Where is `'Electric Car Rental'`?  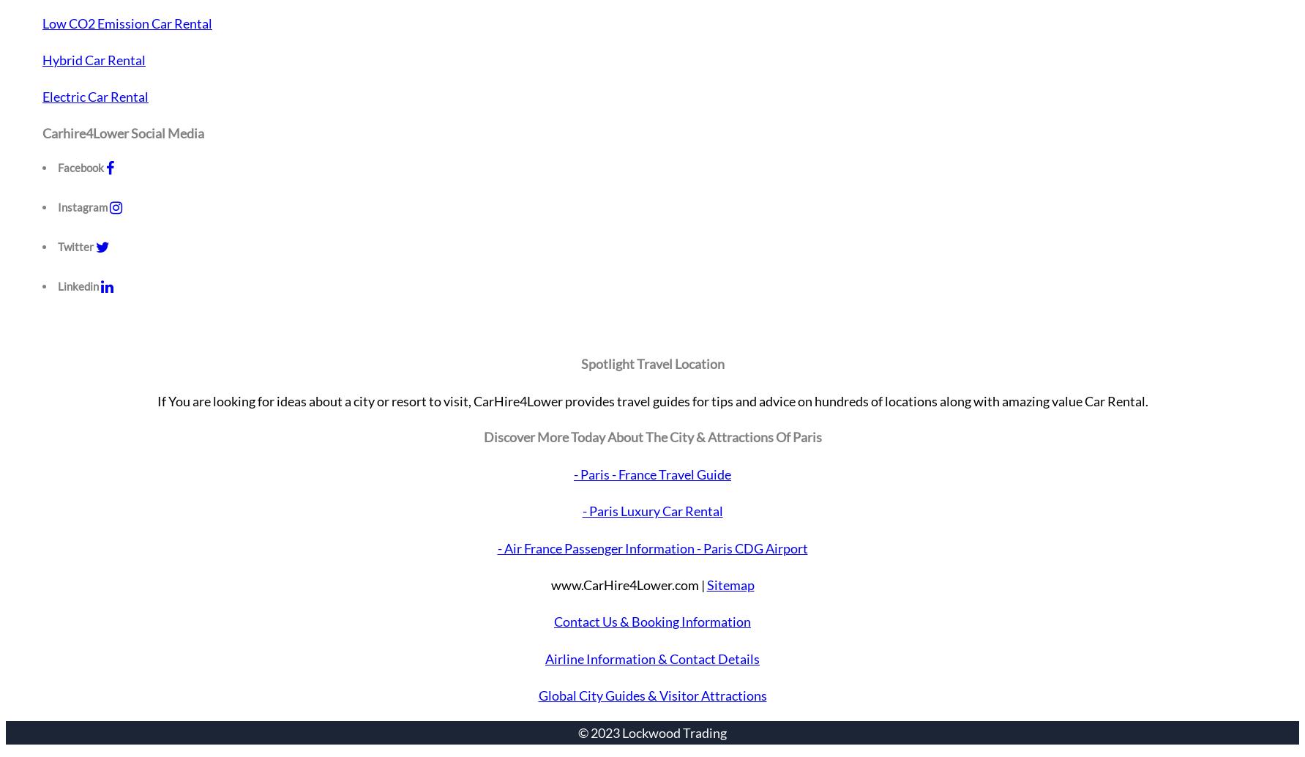 'Electric Car Rental' is located at coordinates (94, 97).